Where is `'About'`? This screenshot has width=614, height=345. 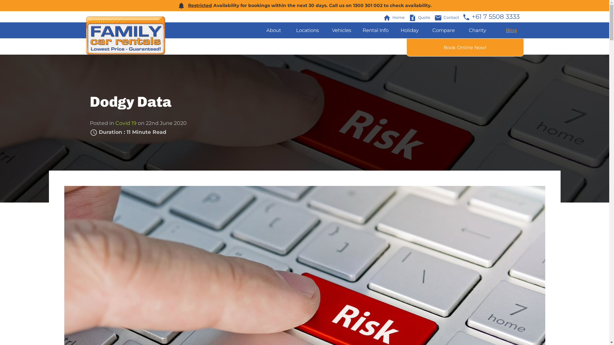
'About' is located at coordinates (273, 30).